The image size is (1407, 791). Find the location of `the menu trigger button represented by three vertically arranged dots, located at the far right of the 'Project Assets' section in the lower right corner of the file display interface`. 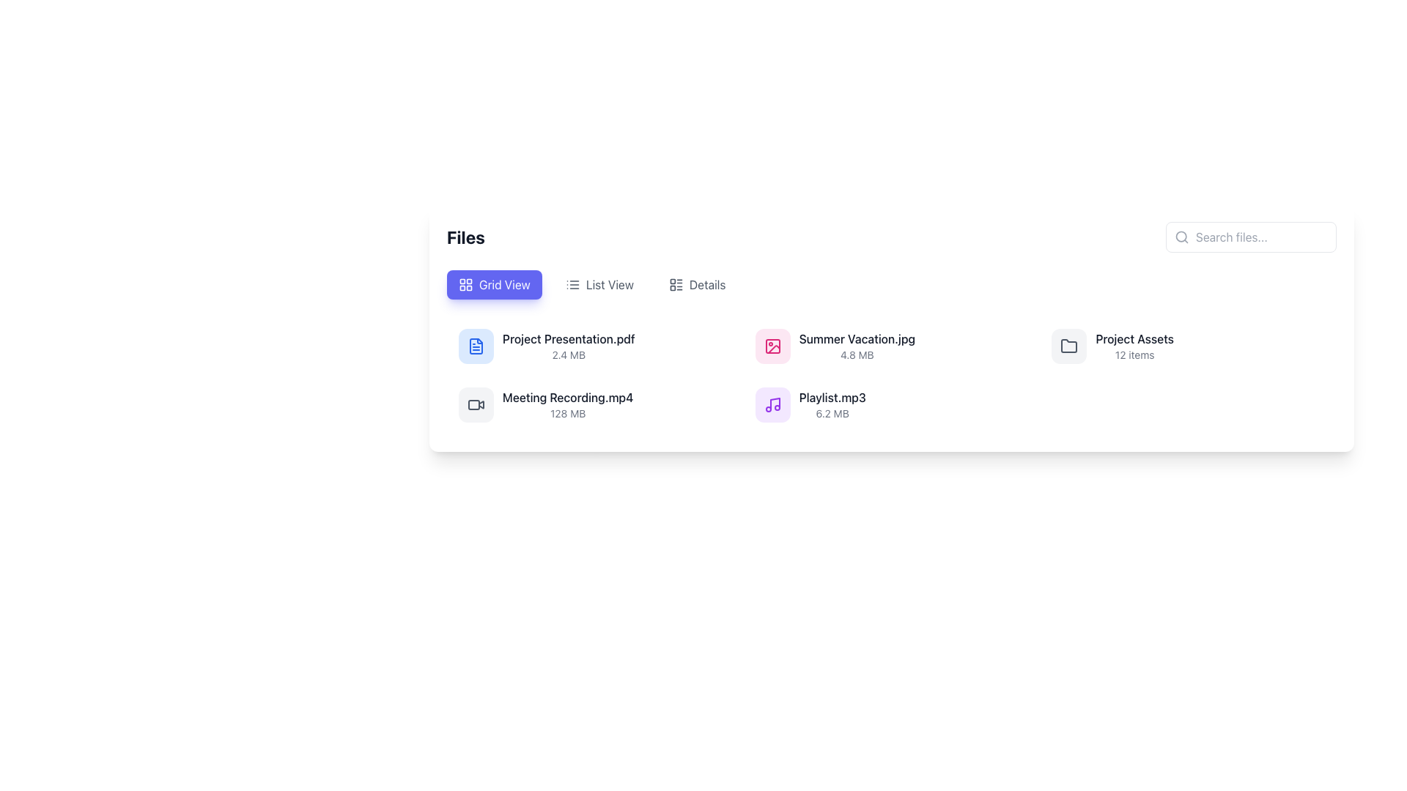

the menu trigger button represented by three vertically arranged dots, located at the far right of the 'Project Assets' section in the lower right corner of the file display interface is located at coordinates (1315, 338).